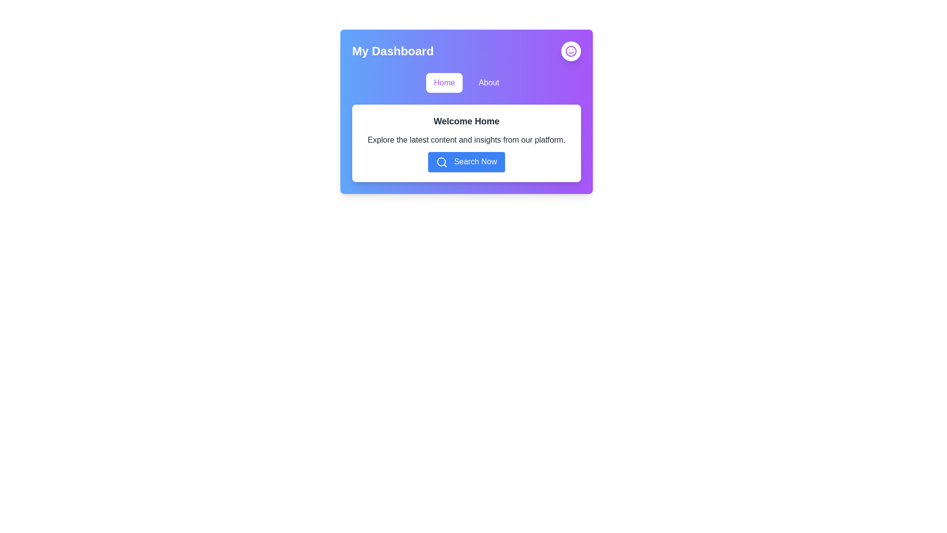 The height and width of the screenshot is (533, 947). Describe the element at coordinates (441, 161) in the screenshot. I see `the 'Search Now' button, which is visually indicated by the search icon to its left, for further interaction` at that location.